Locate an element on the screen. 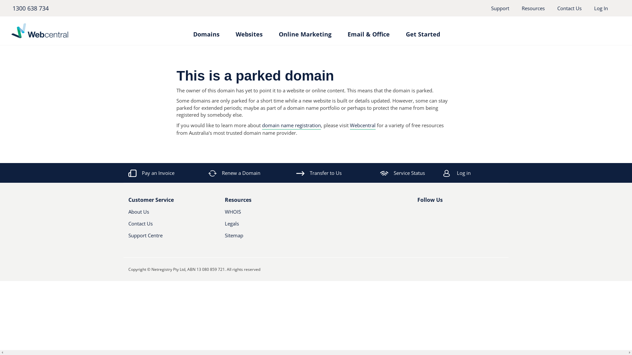  'Renew a Domain' is located at coordinates (235, 172).